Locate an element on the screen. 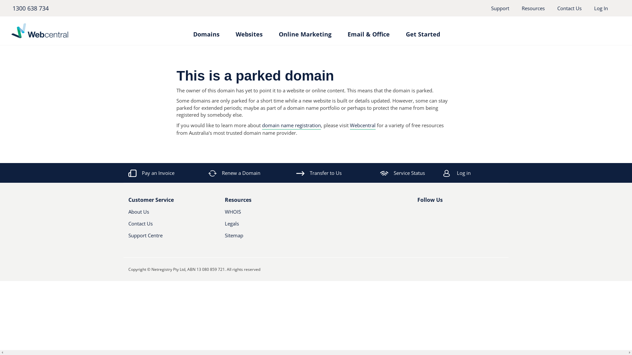  'Renew a Domain' is located at coordinates (235, 172).